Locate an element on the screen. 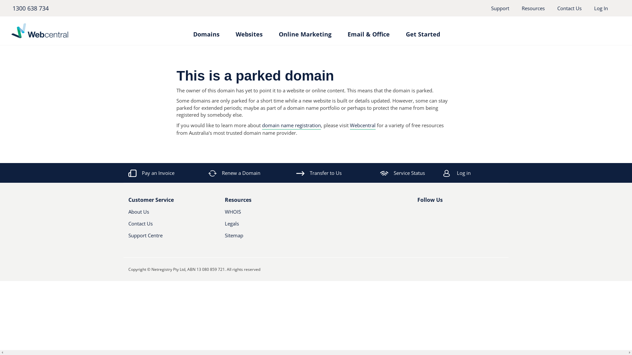  'Renew a Domain' is located at coordinates (235, 172).